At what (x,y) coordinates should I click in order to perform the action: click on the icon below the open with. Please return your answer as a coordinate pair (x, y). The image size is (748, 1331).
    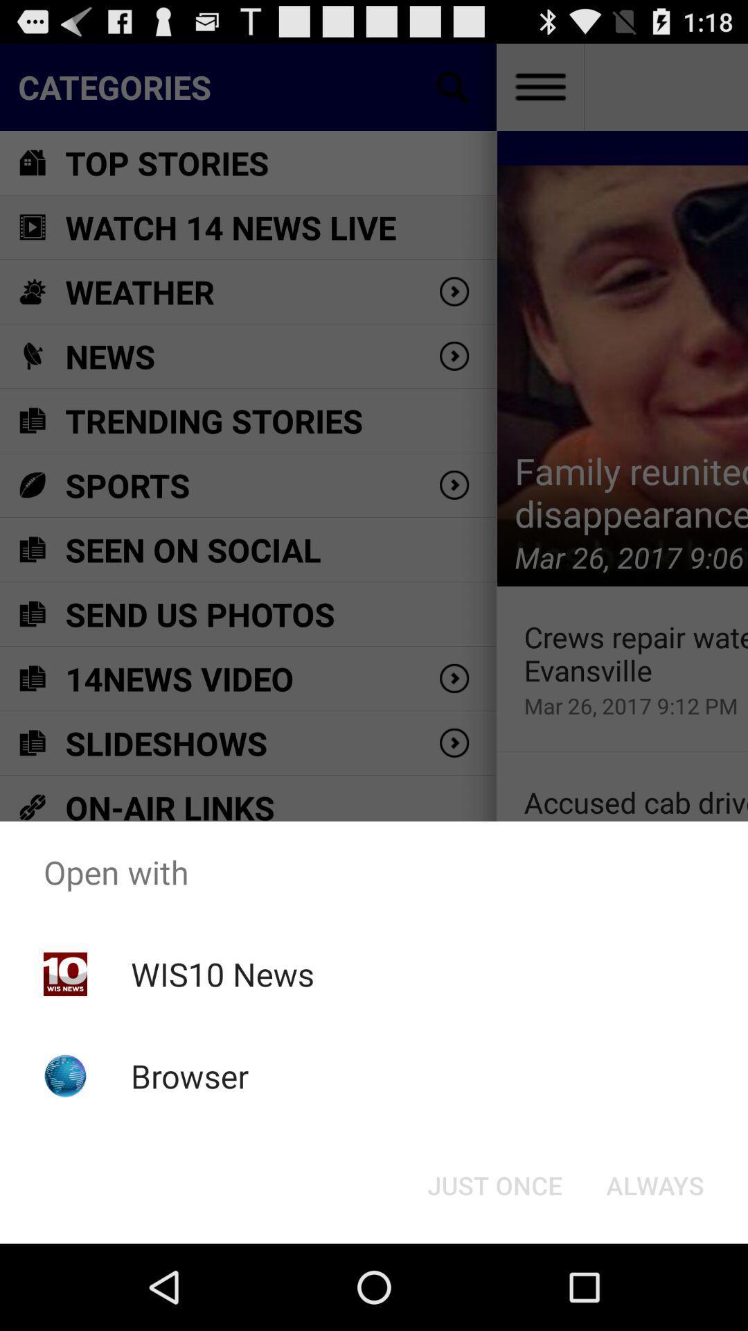
    Looking at the image, I should click on (494, 1184).